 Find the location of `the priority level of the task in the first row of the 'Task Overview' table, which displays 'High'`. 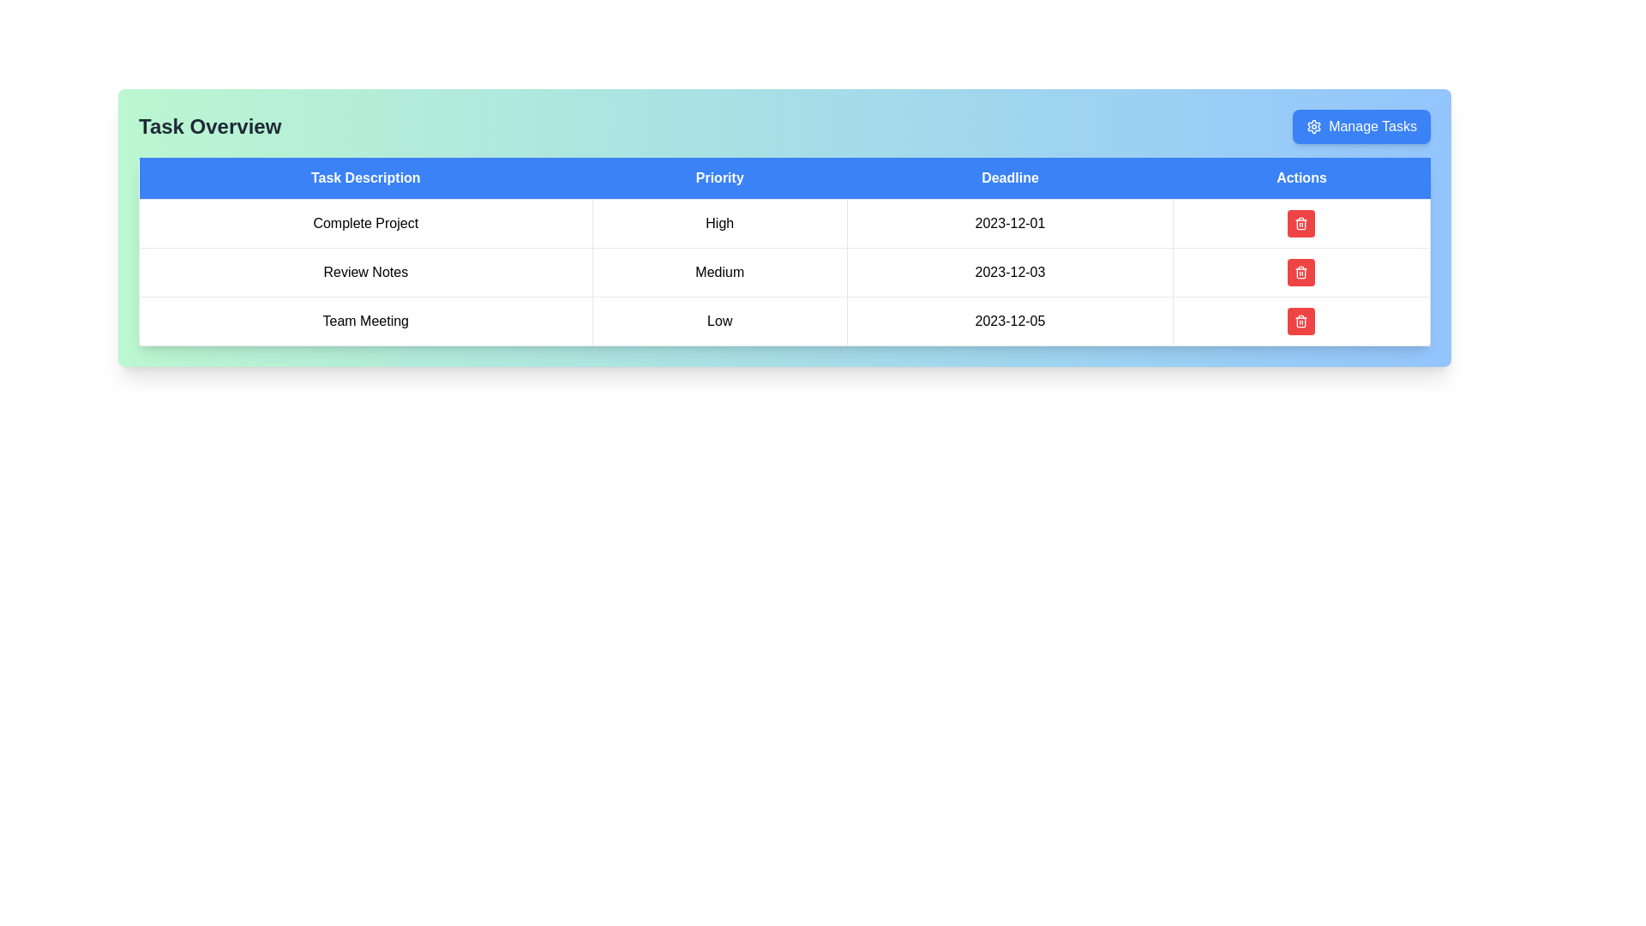

the priority level of the task in the first row of the 'Task Overview' table, which displays 'High' is located at coordinates (784, 223).